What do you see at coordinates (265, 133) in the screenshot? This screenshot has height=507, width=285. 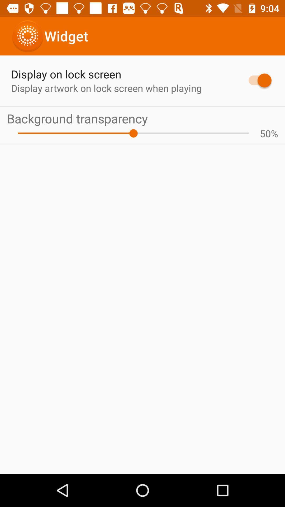 I see `the 50 icon` at bounding box center [265, 133].